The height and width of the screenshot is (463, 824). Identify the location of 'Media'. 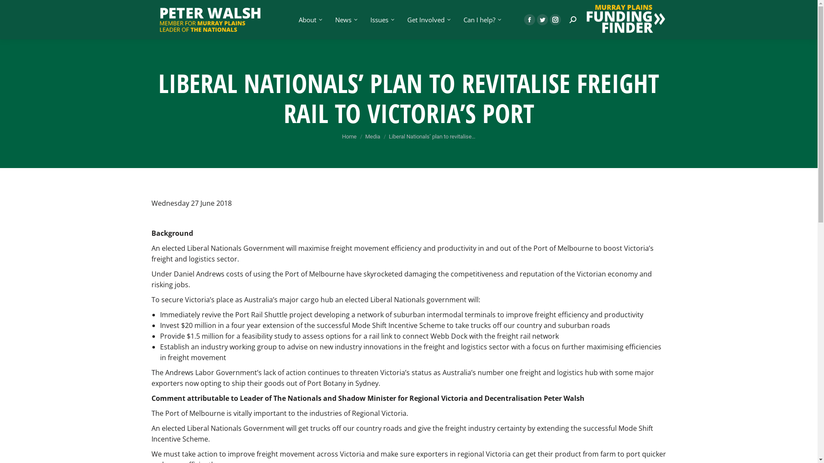
(373, 136).